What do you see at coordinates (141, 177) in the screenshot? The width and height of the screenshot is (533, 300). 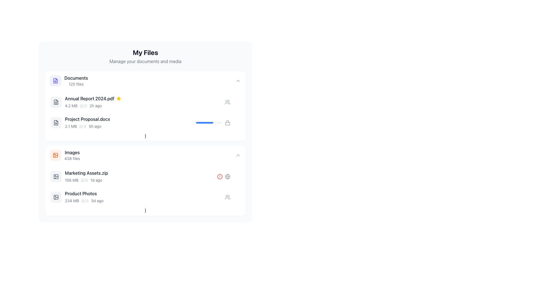 I see `the file item named 'Marketing Assets.zip'` at bounding box center [141, 177].